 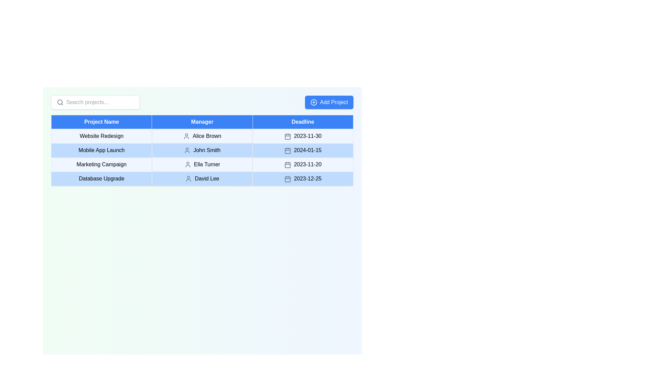 I want to click on the text label displaying 'John Smith' in the second column of the row for 'Mobile App Launch', which is centered in its cell below the 'Manager' header, so click(x=202, y=150).